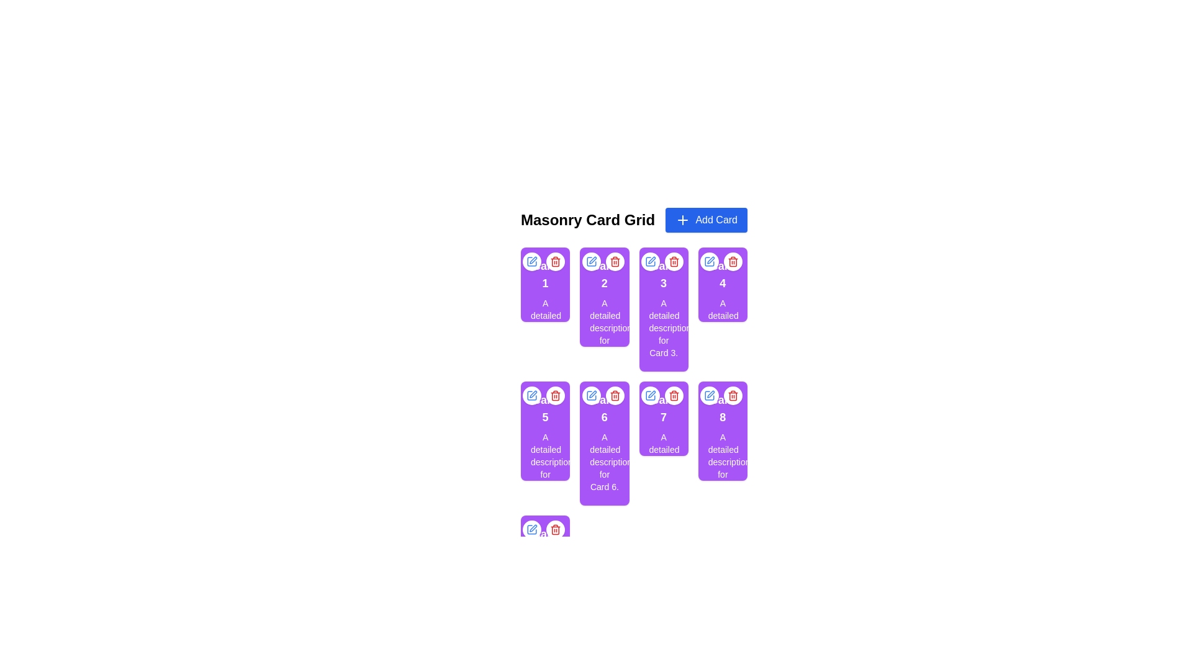  What do you see at coordinates (723, 285) in the screenshot?
I see `the delete icon on the fourth card in the grid layout` at bounding box center [723, 285].